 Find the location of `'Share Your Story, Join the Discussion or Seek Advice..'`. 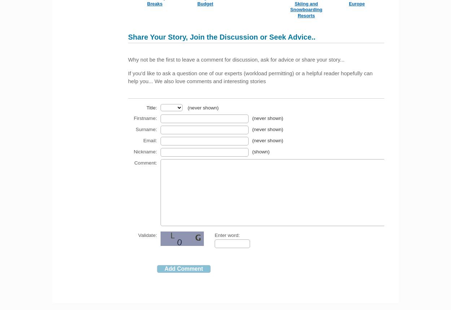

'Share Your Story, Join the Discussion or Seek Advice..' is located at coordinates (221, 36).